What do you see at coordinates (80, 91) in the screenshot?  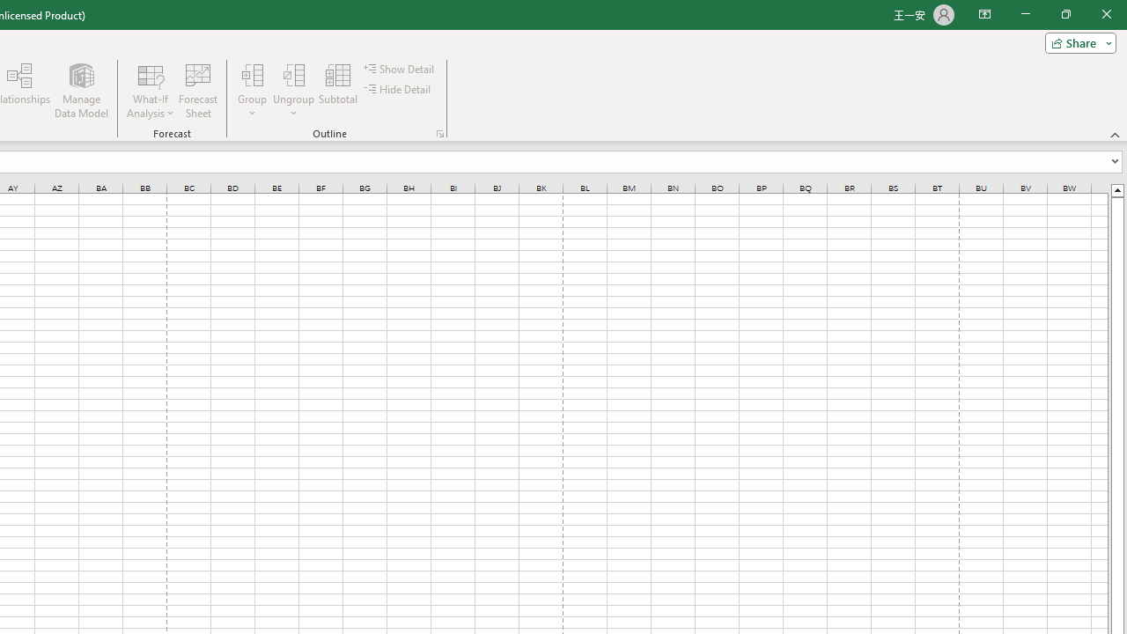 I see `'Manage Data Model'` at bounding box center [80, 91].